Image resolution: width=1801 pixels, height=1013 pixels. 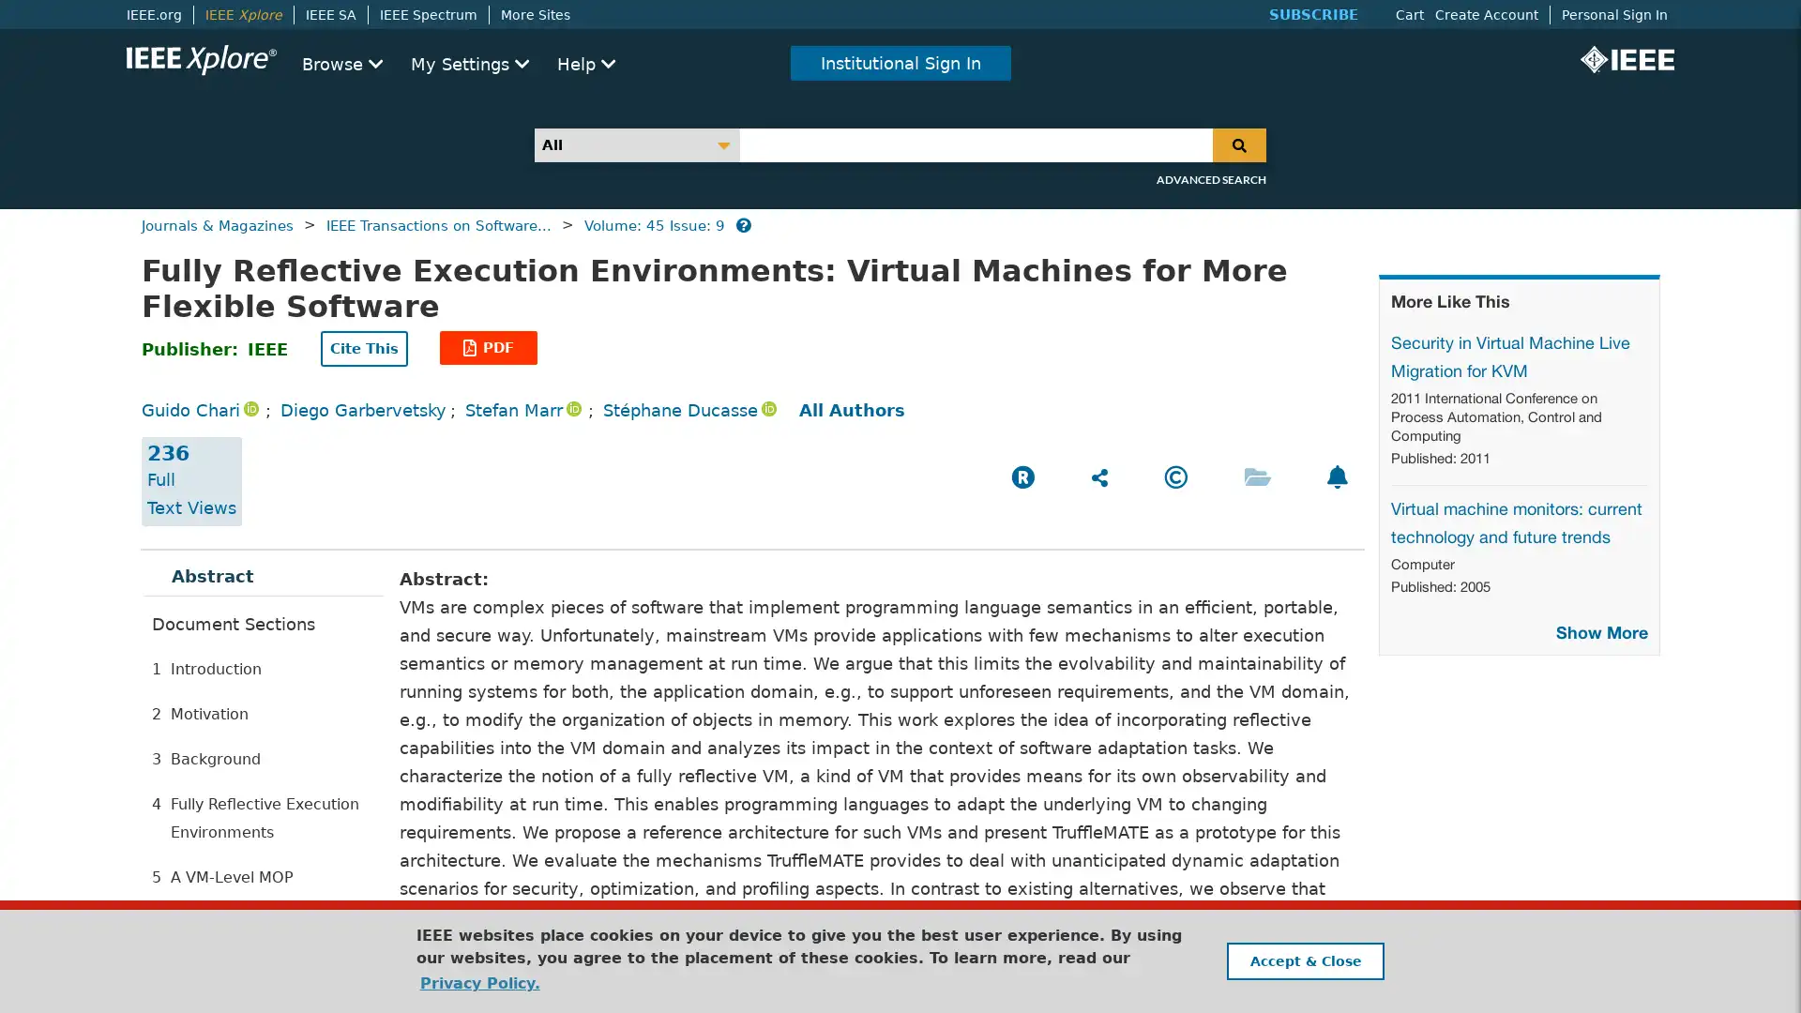 What do you see at coordinates (191, 480) in the screenshot?
I see `236 Full Text Views` at bounding box center [191, 480].